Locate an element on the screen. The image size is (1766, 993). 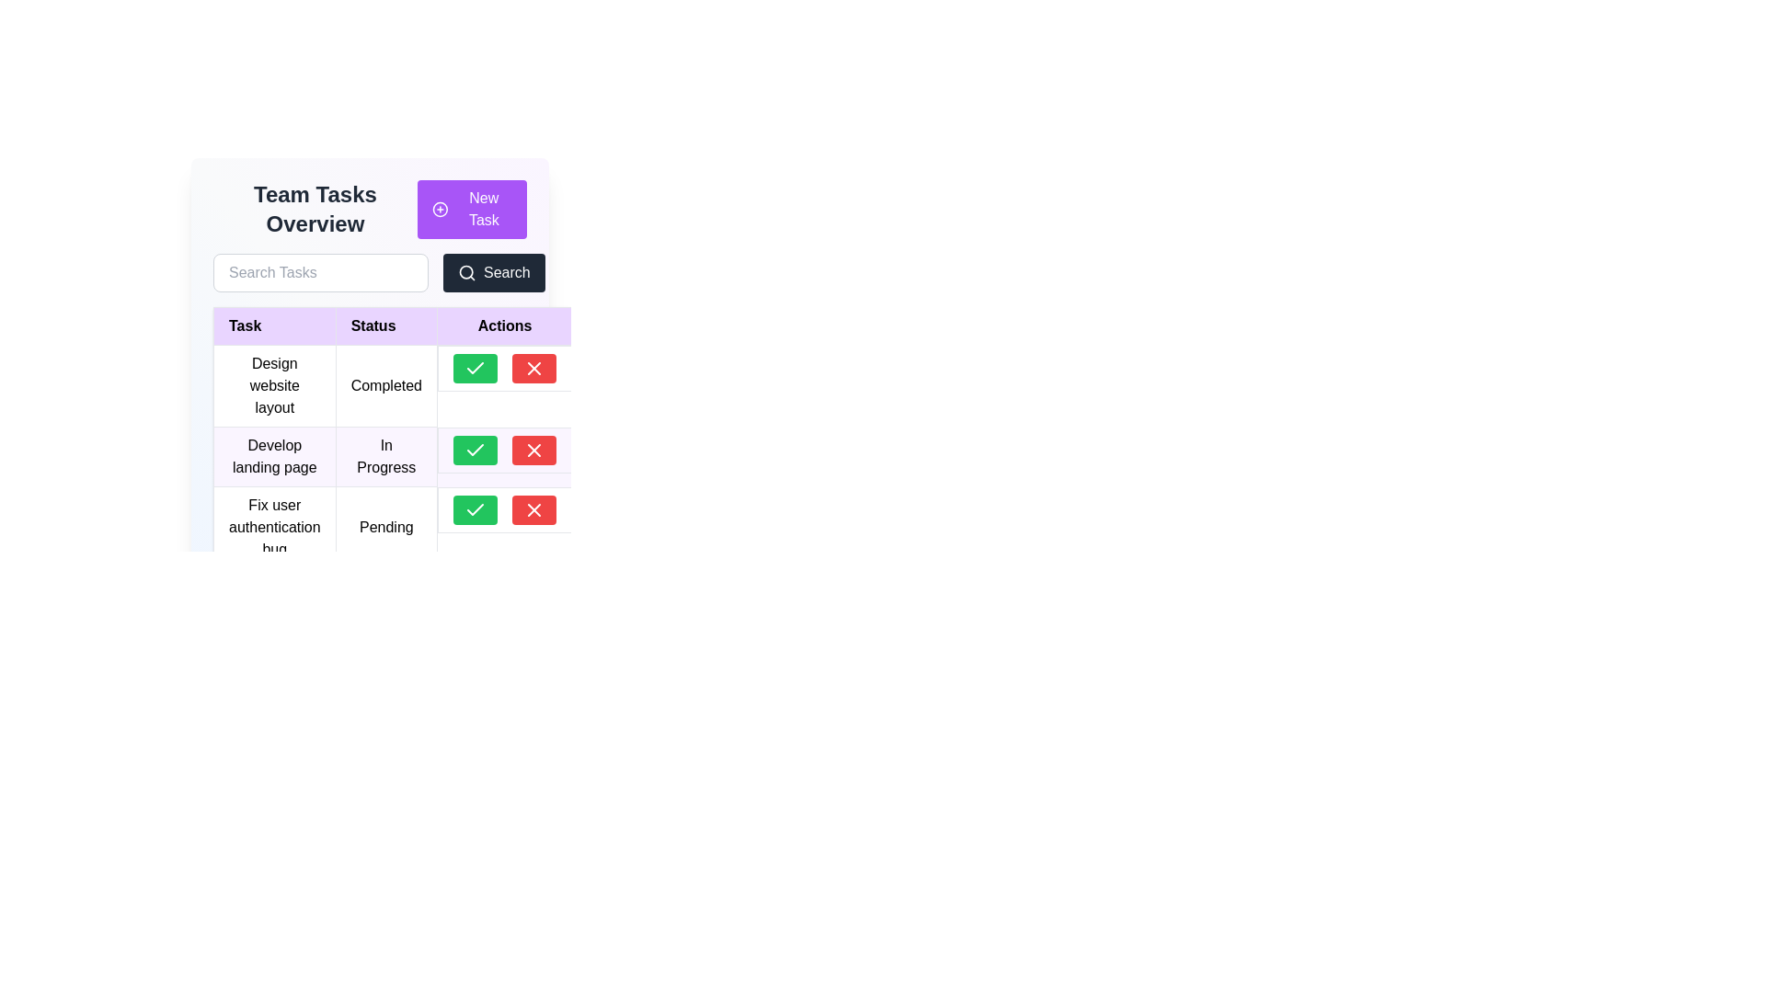
the Text label indicating the status of the completed task 'Design website layout' in the task management overview table is located at coordinates (385, 385).